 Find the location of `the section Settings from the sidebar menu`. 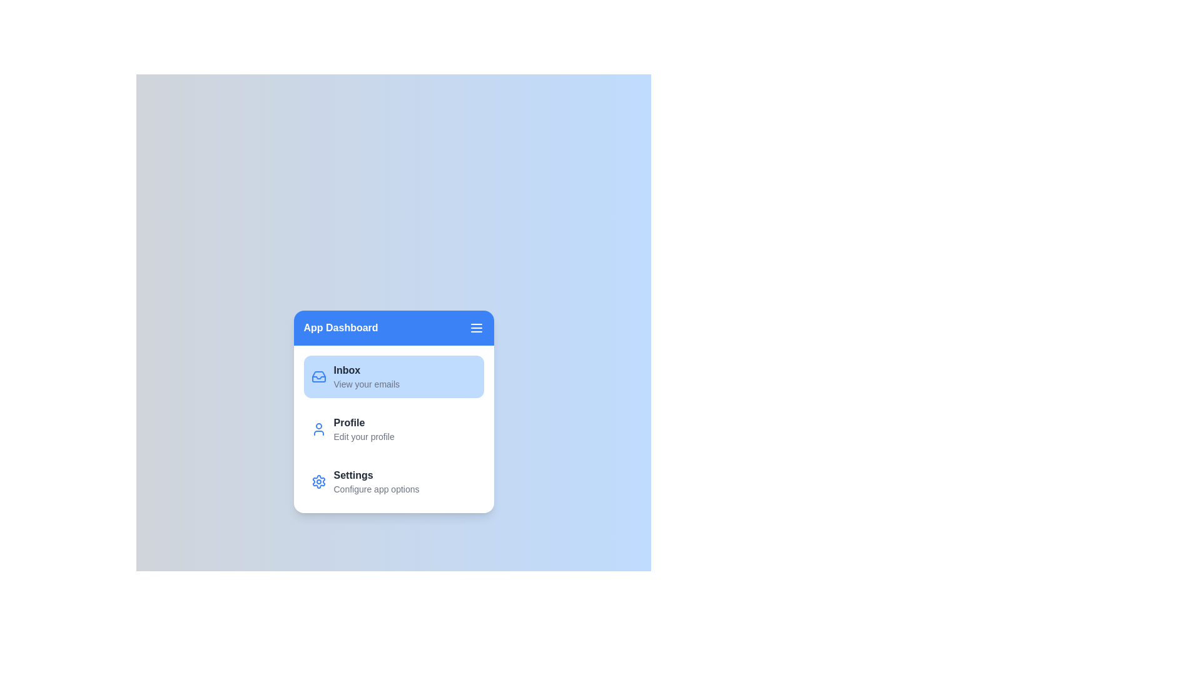

the section Settings from the sidebar menu is located at coordinates (393, 481).